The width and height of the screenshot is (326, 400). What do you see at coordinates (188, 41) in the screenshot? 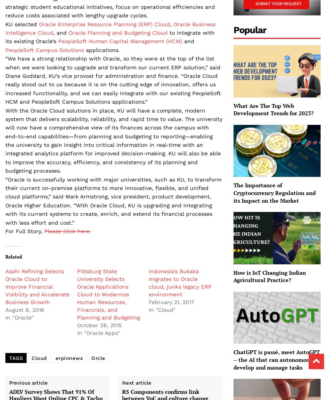
I see `'and'` at bounding box center [188, 41].